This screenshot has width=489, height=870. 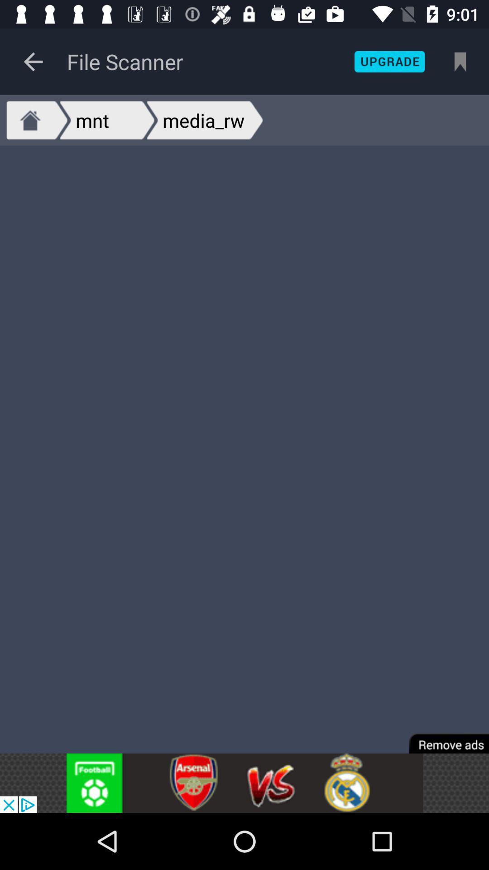 What do you see at coordinates (389, 61) in the screenshot?
I see `upgrade application` at bounding box center [389, 61].